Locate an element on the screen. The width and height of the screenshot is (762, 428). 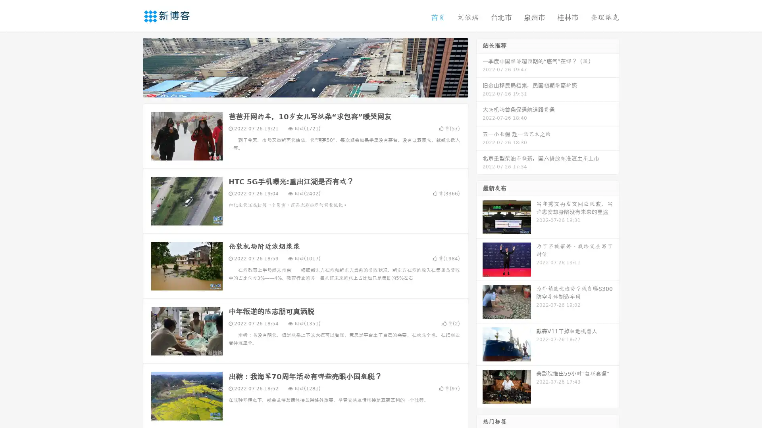
Go to slide 2 is located at coordinates (305, 89).